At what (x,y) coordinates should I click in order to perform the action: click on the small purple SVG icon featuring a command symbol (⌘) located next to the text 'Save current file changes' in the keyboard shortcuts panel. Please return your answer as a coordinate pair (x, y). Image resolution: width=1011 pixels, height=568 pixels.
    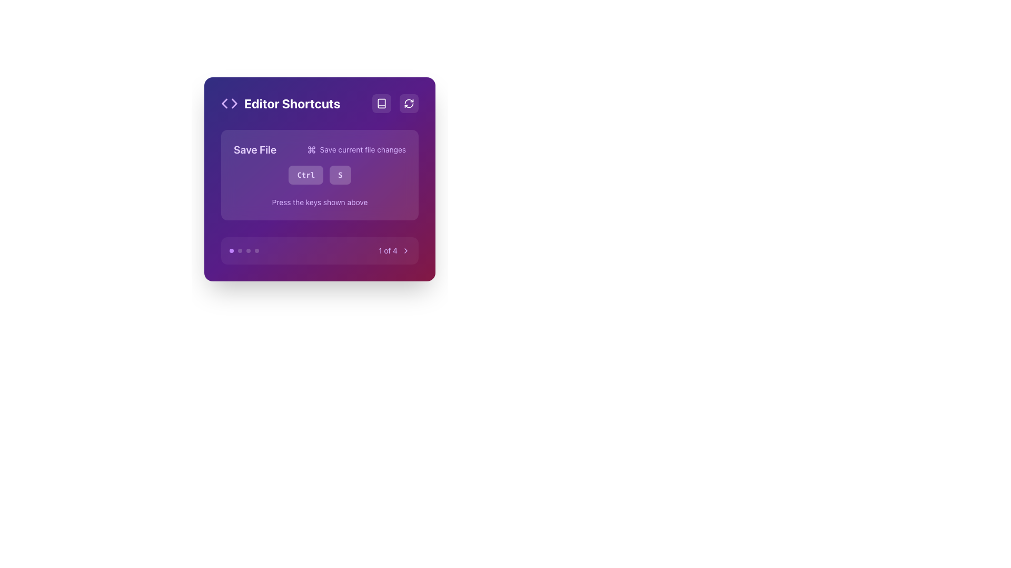
    Looking at the image, I should click on (311, 150).